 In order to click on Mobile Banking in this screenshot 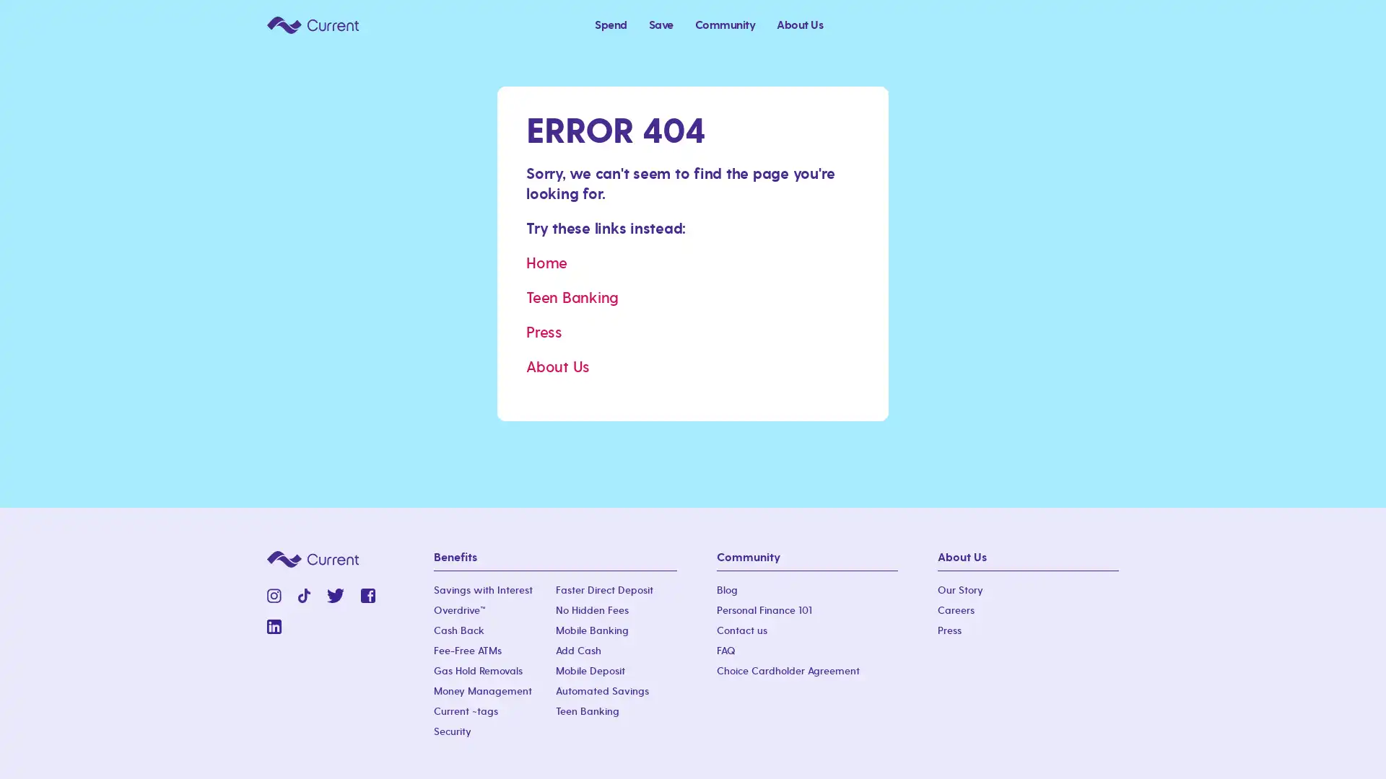, I will do `click(591, 630)`.